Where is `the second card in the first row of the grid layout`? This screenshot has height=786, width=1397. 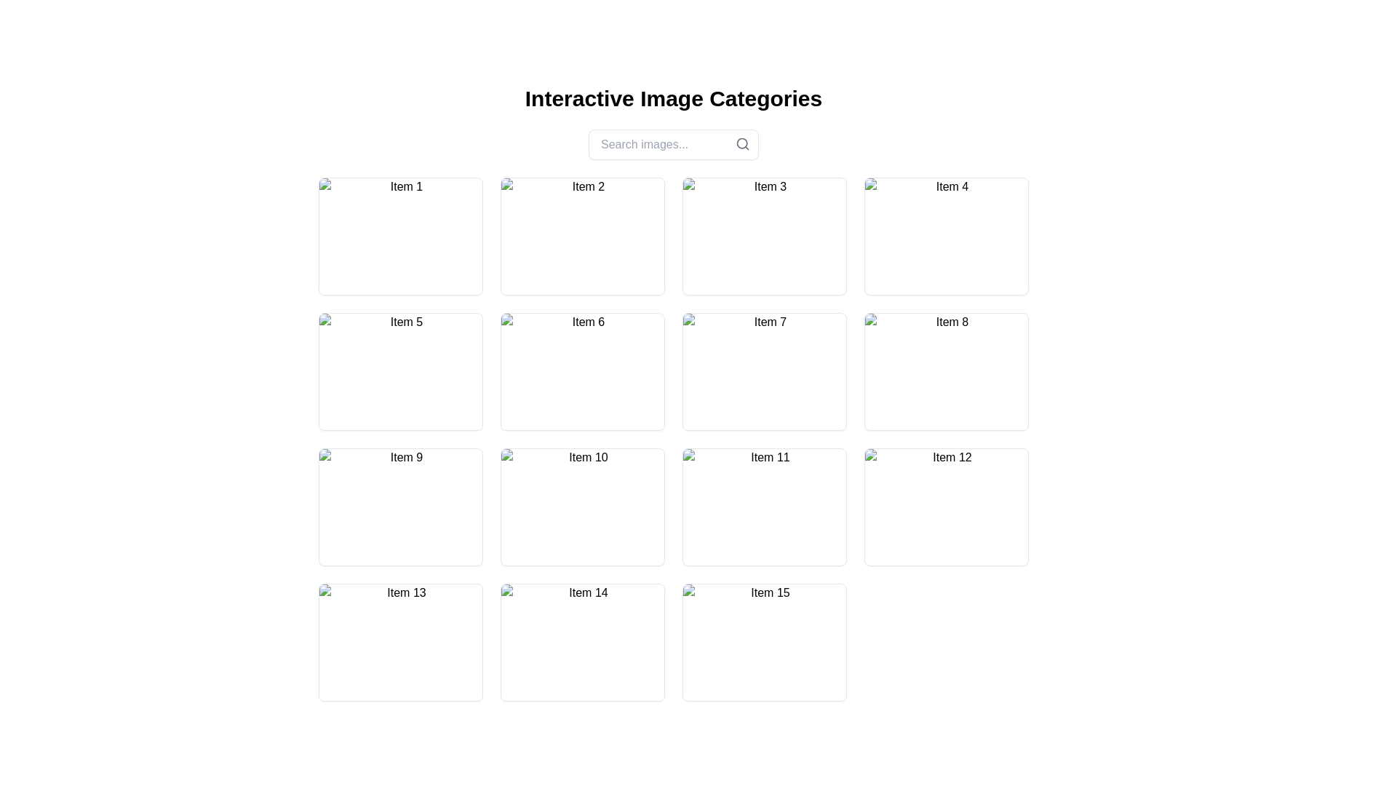
the second card in the first row of the grid layout is located at coordinates (583, 235).